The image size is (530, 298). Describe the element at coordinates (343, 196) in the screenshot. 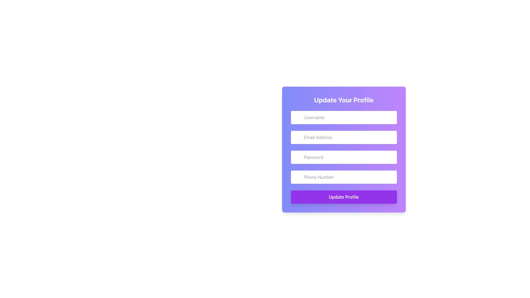

I see `the submission button for the profile update form to change its appearance` at that location.